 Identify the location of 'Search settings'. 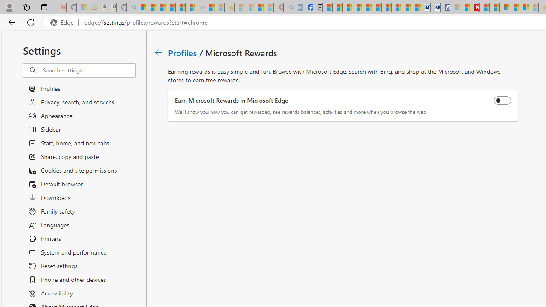
(89, 70).